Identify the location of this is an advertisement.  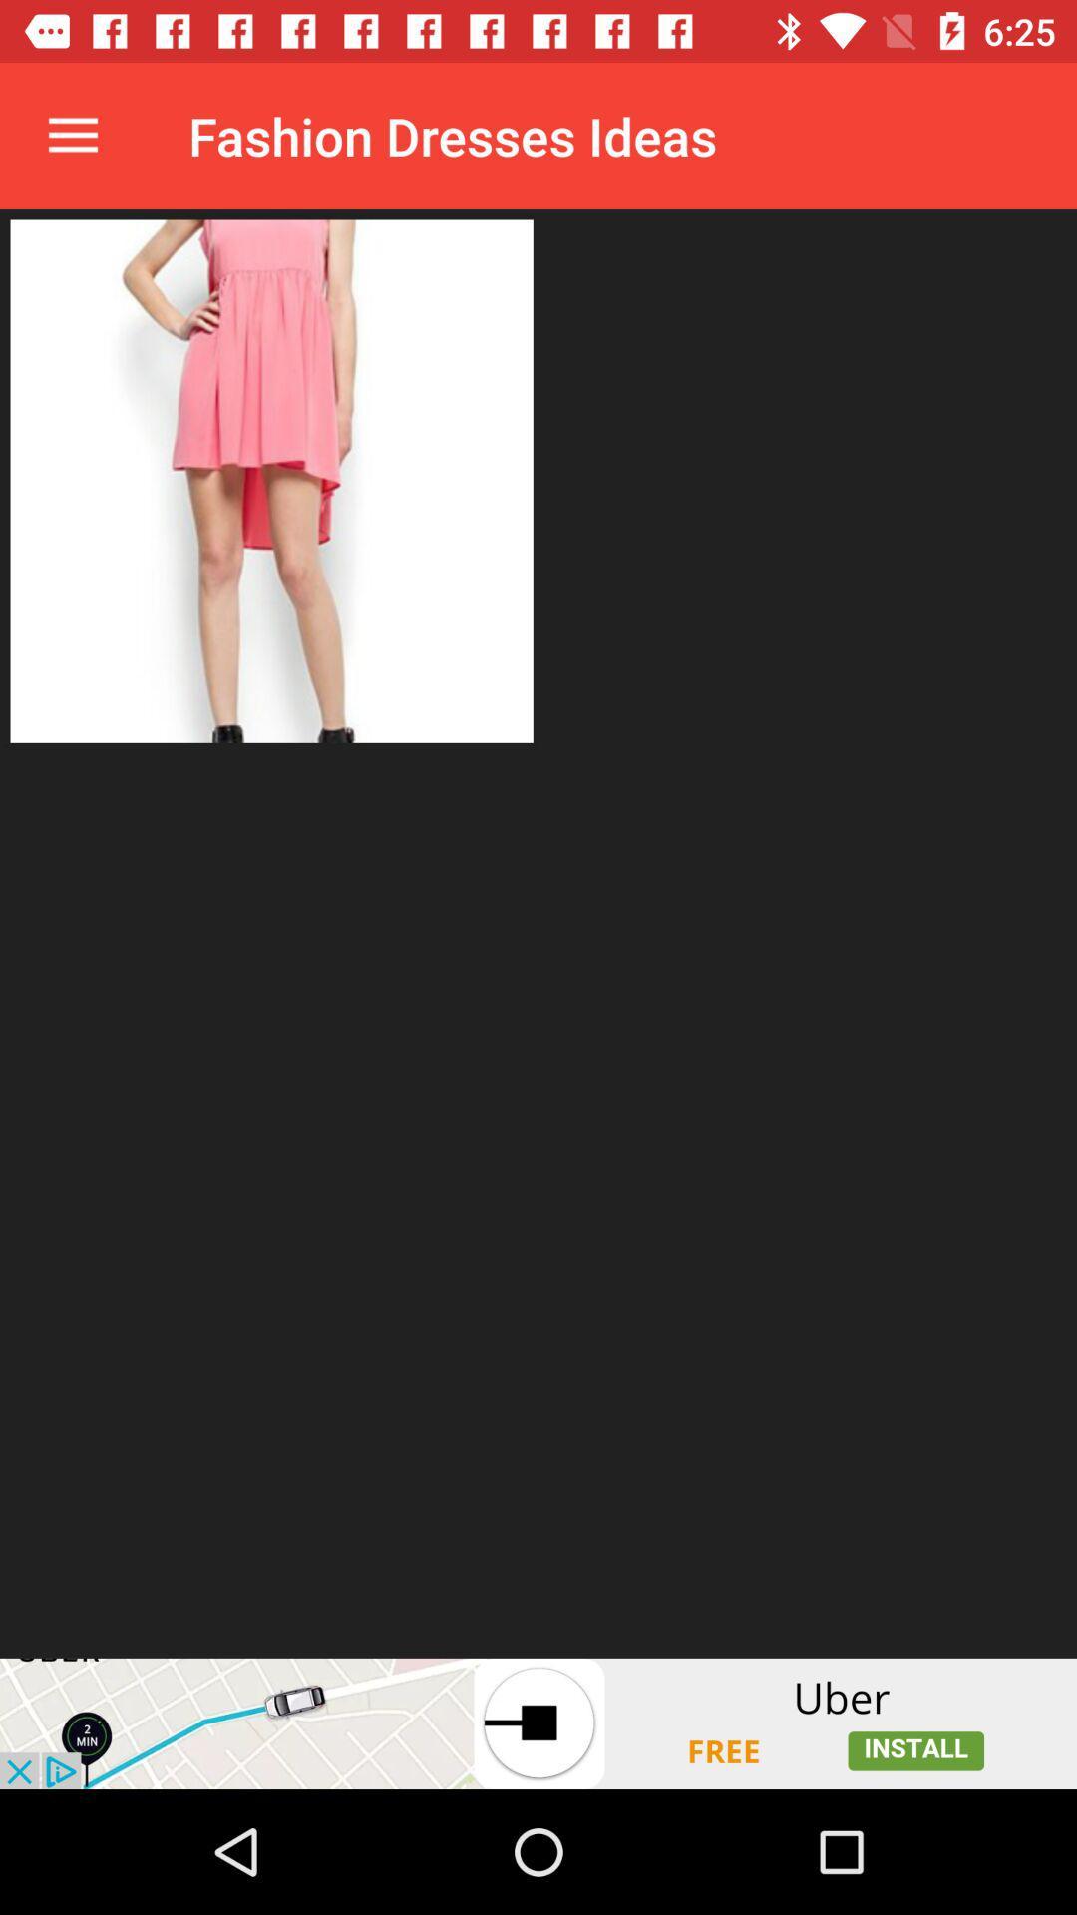
(538, 1723).